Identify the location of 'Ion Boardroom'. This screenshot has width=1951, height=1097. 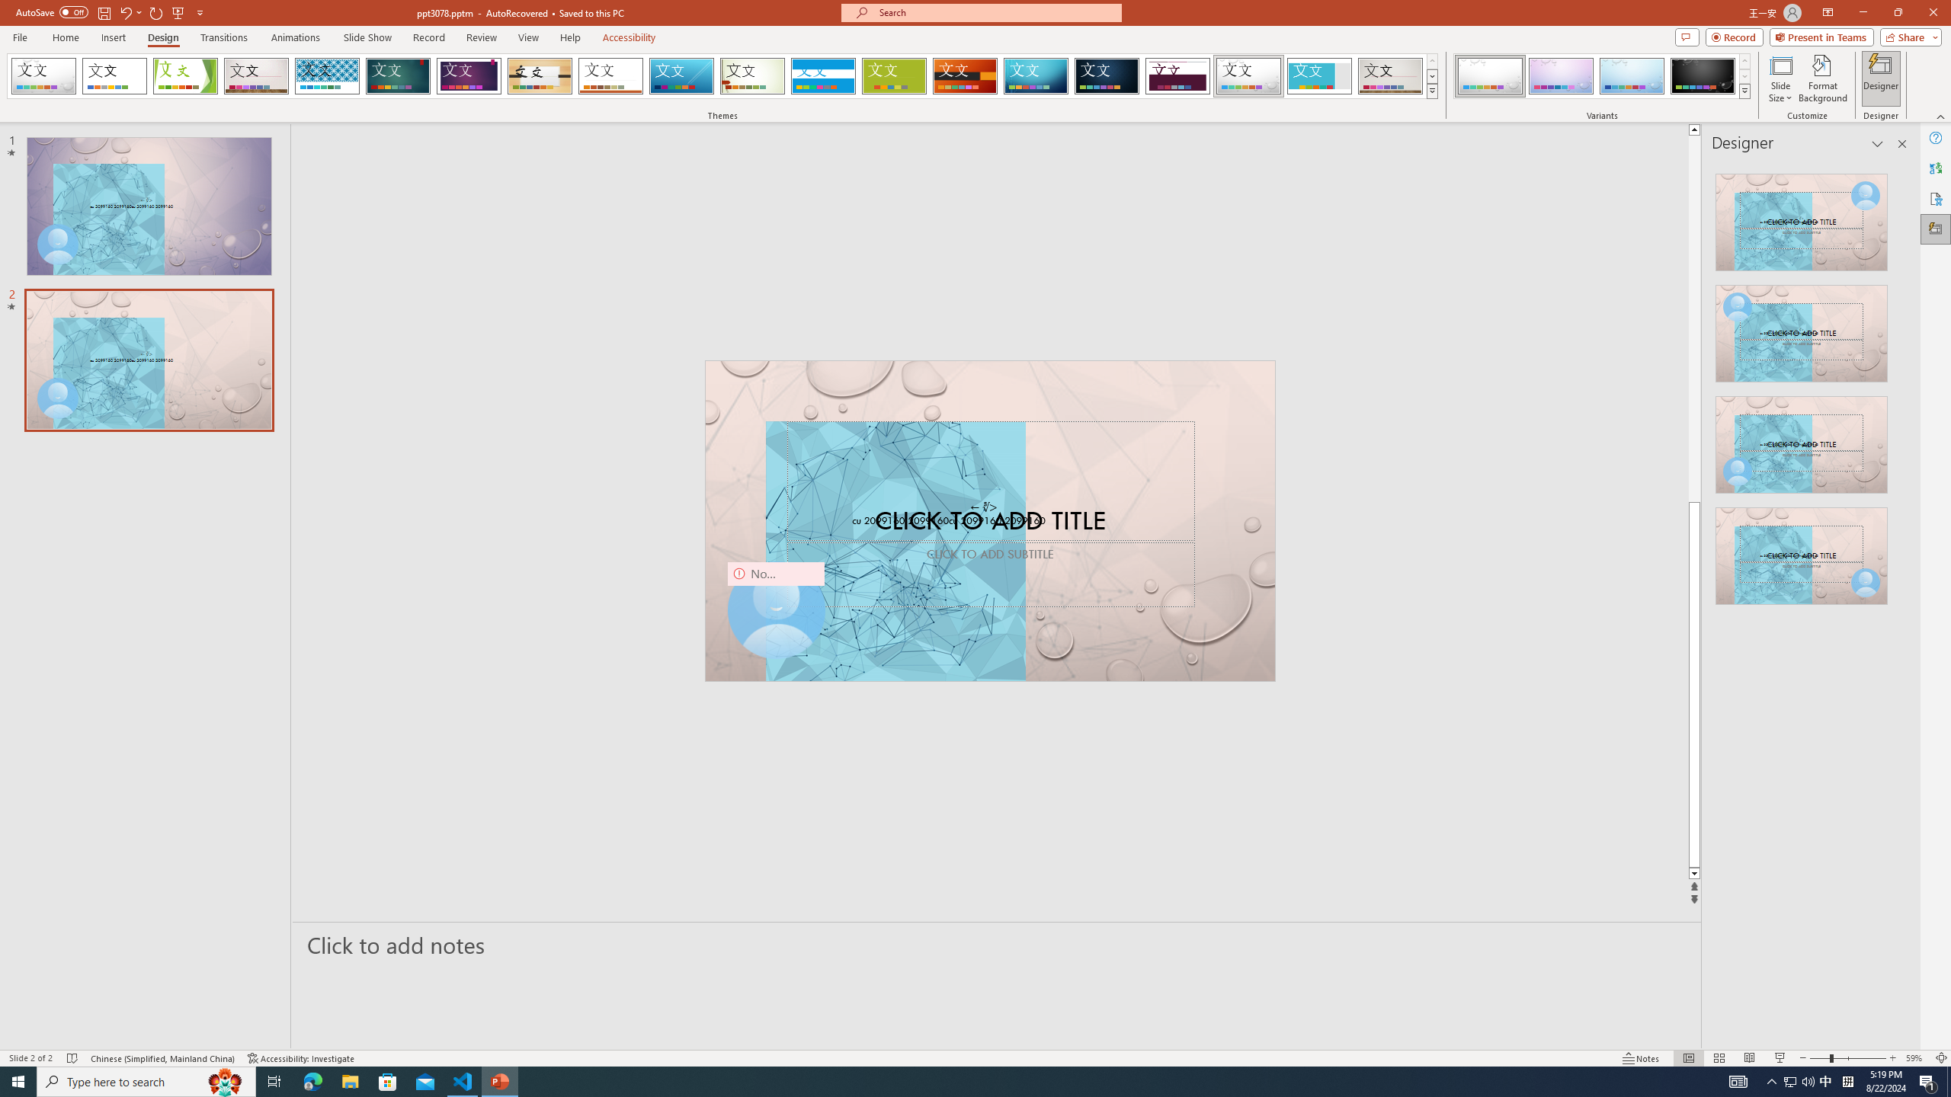
(469, 75).